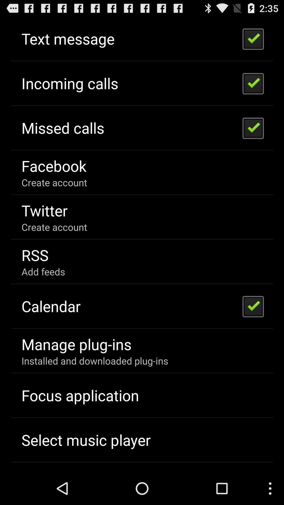 The width and height of the screenshot is (284, 505). Describe the element at coordinates (44, 210) in the screenshot. I see `item below create account app` at that location.